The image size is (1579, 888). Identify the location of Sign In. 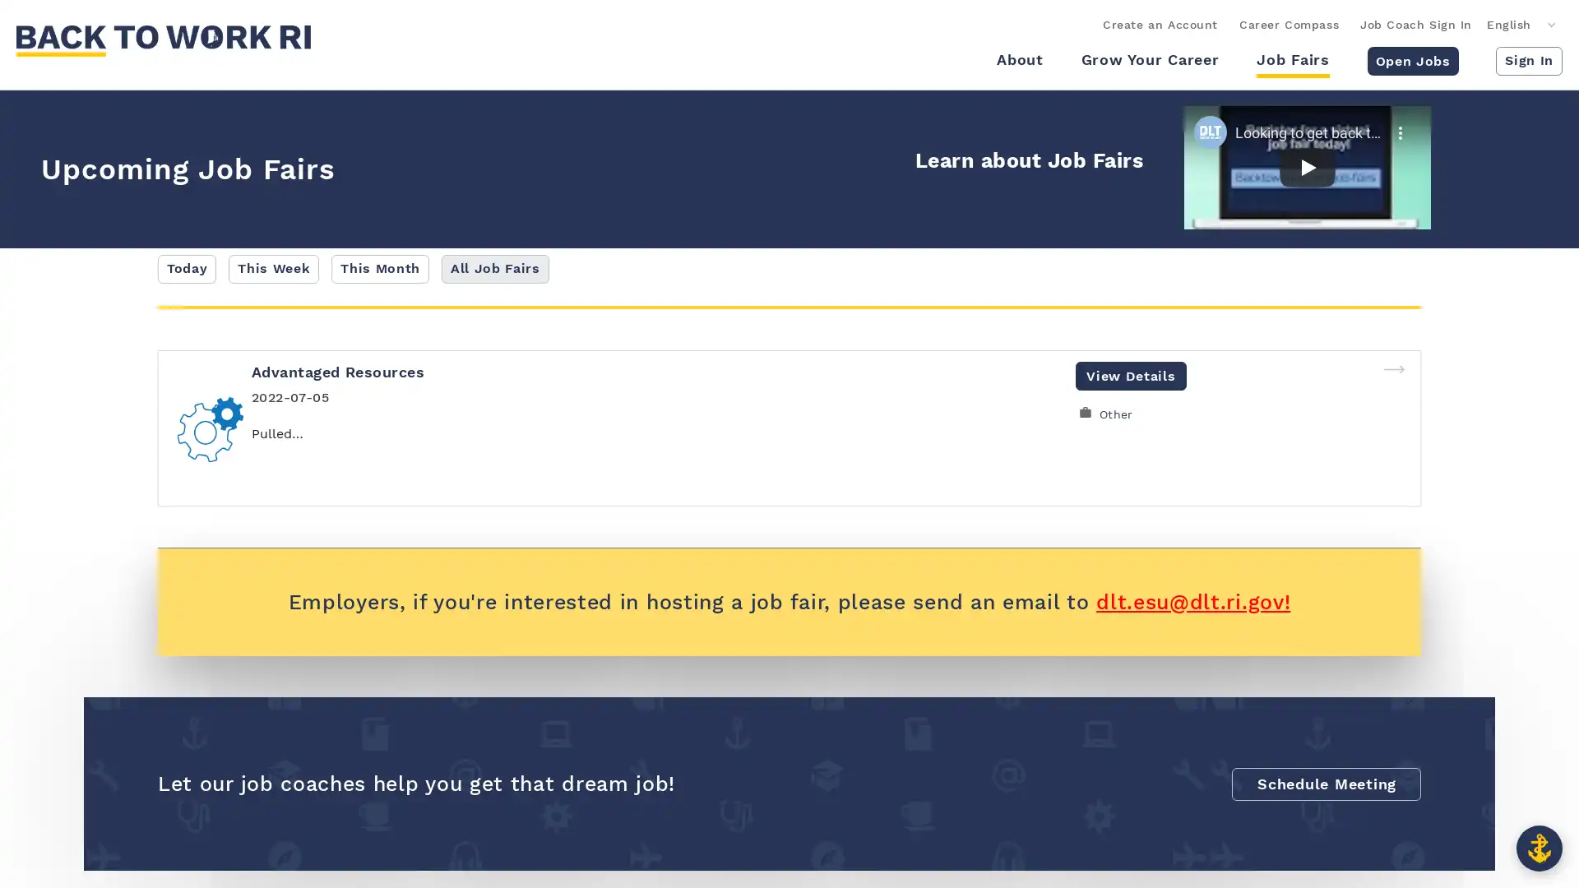
(1528, 59).